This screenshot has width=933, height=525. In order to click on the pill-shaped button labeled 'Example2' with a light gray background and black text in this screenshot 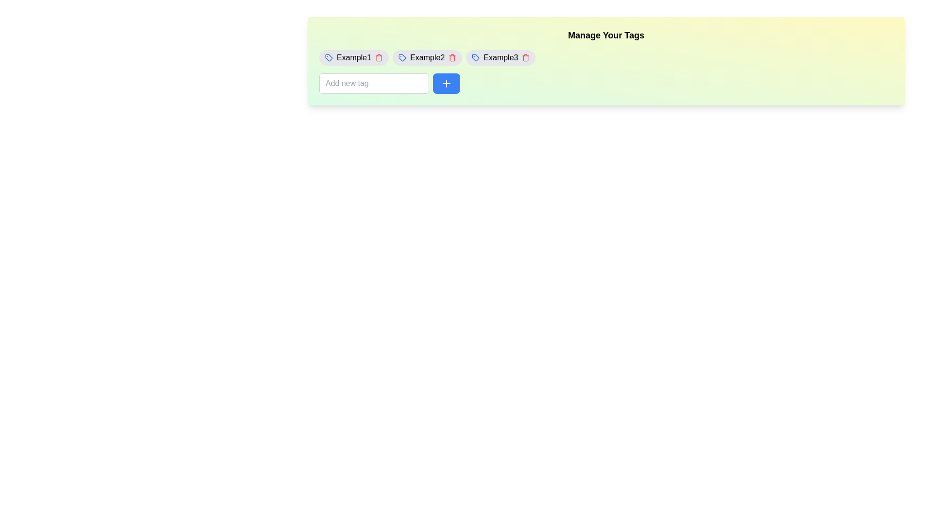, I will do `click(427, 58)`.